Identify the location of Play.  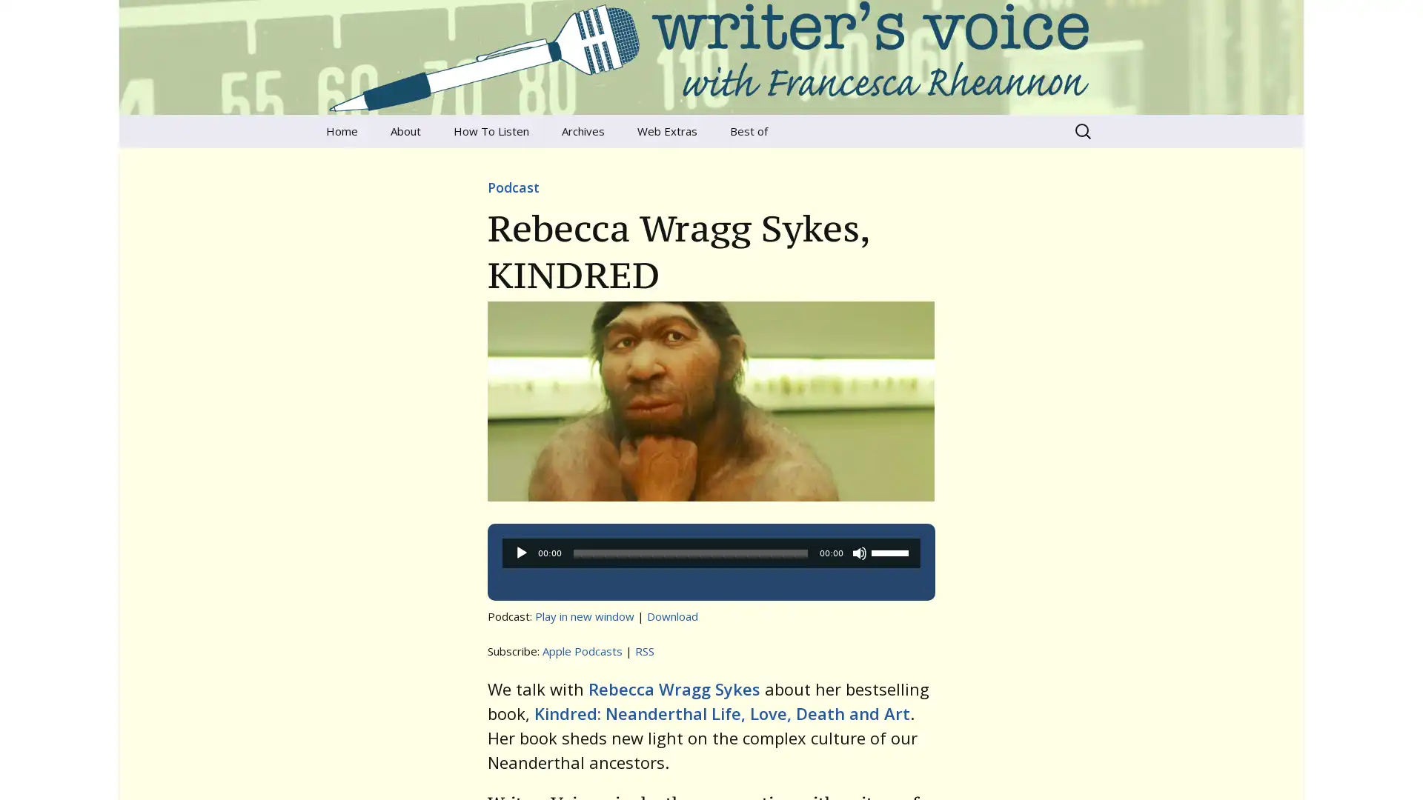
(522, 553).